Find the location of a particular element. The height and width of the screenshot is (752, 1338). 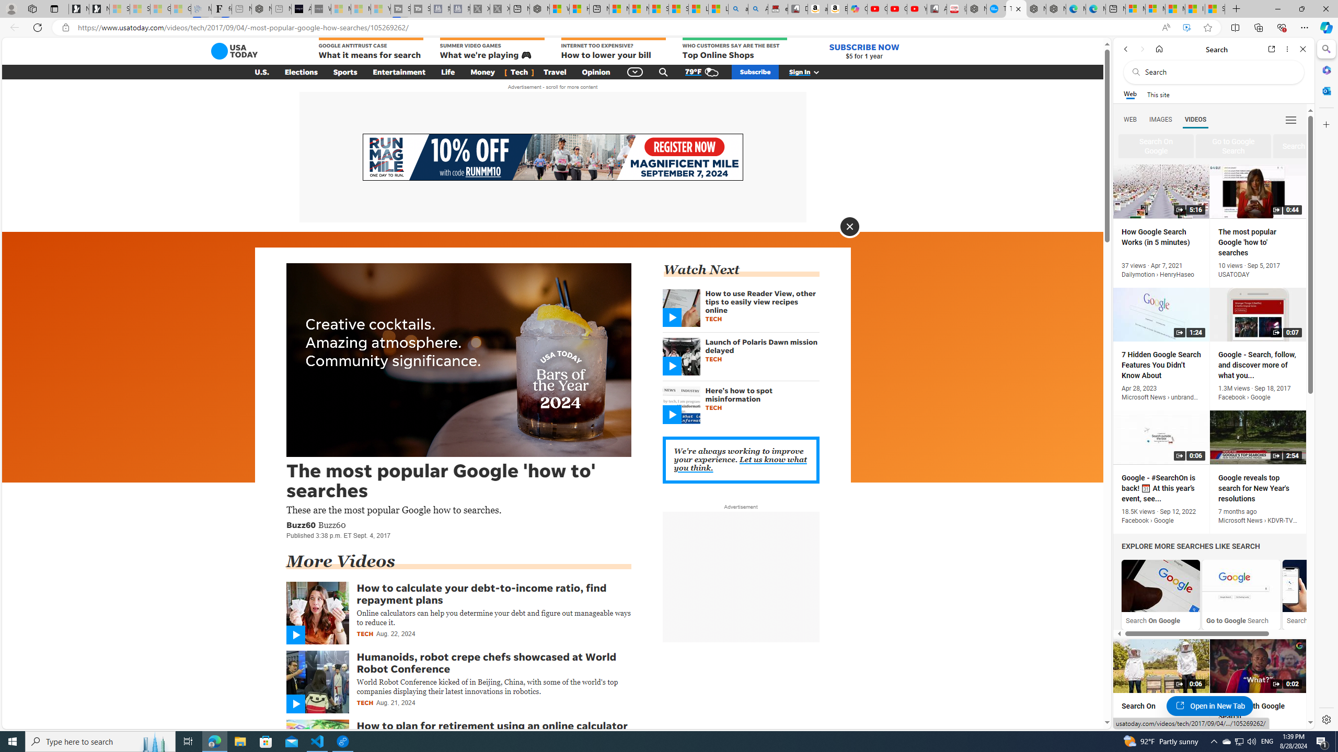

'Class: gnt_n_se_a_svg' is located at coordinates (663, 72).